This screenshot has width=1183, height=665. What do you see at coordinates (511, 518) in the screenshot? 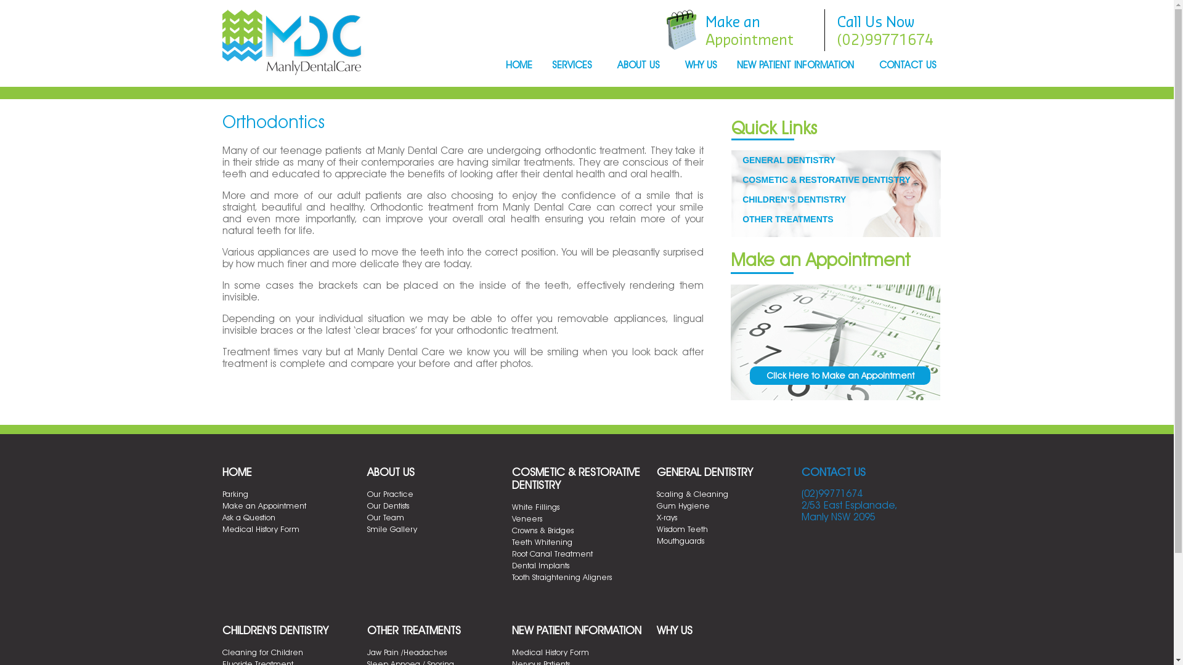
I see `'Veneers'` at bounding box center [511, 518].